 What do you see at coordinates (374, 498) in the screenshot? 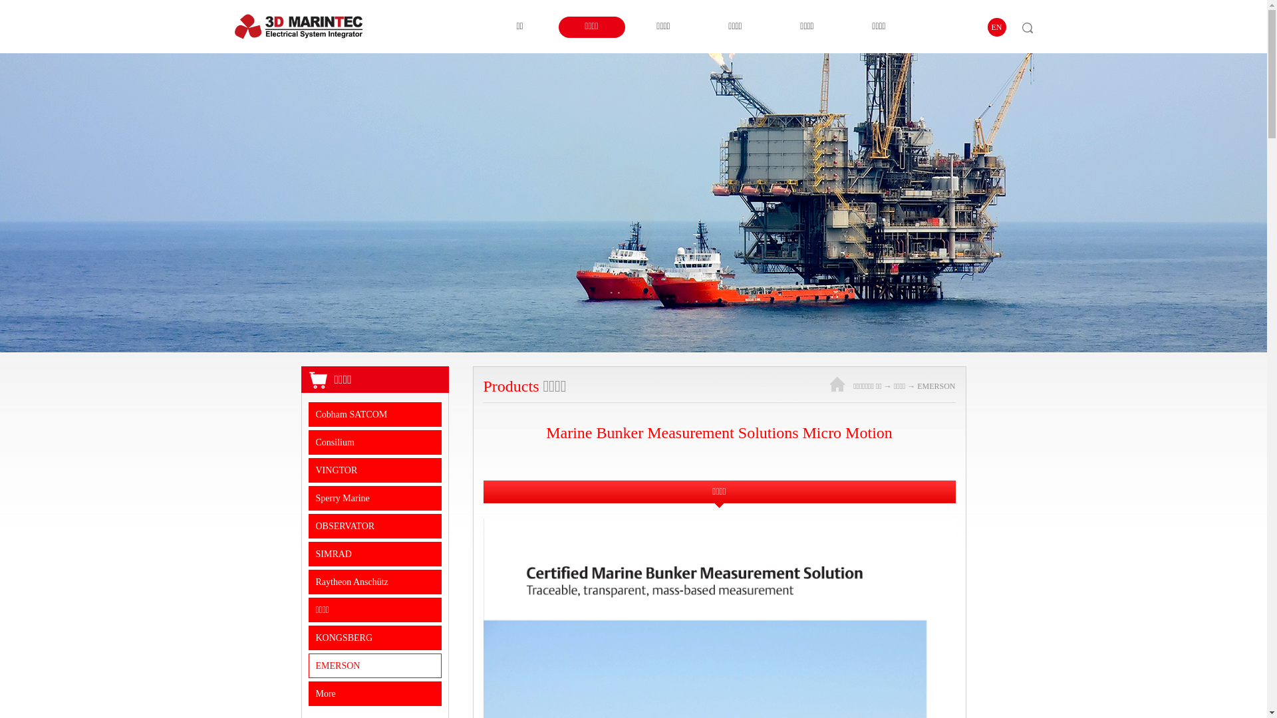
I see `'Sperry Marine'` at bounding box center [374, 498].